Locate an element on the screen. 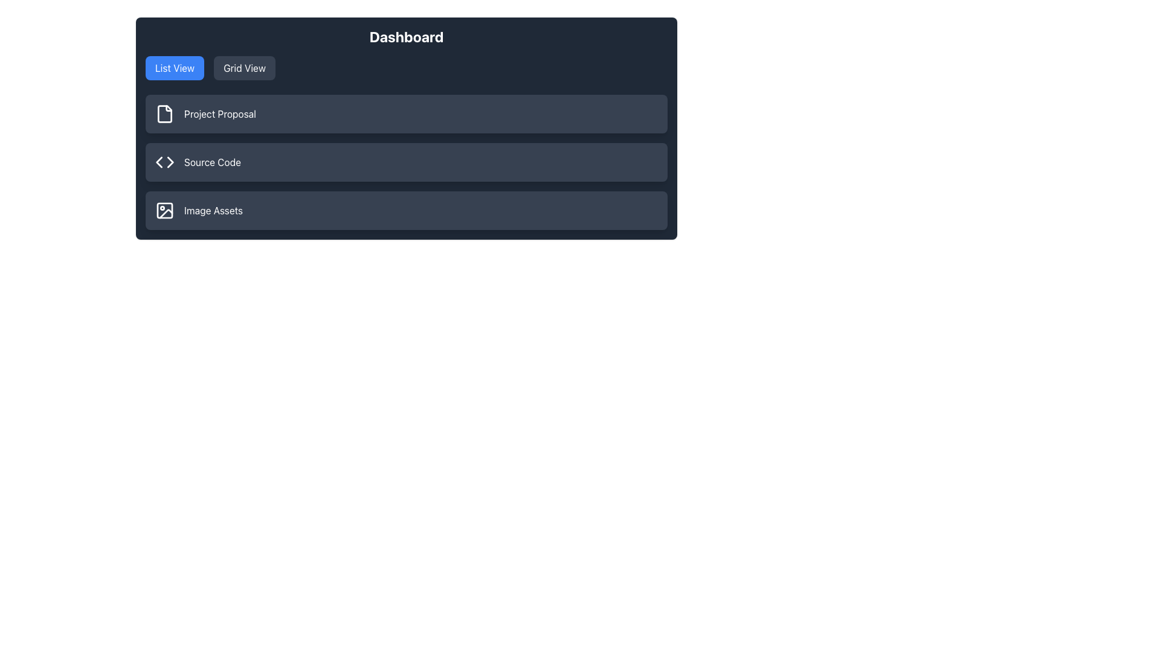 The width and height of the screenshot is (1160, 652). the label 'Image Assets' associated with the icon located in the leftmost position of the third list item in the dashboard interface is located at coordinates (164, 209).